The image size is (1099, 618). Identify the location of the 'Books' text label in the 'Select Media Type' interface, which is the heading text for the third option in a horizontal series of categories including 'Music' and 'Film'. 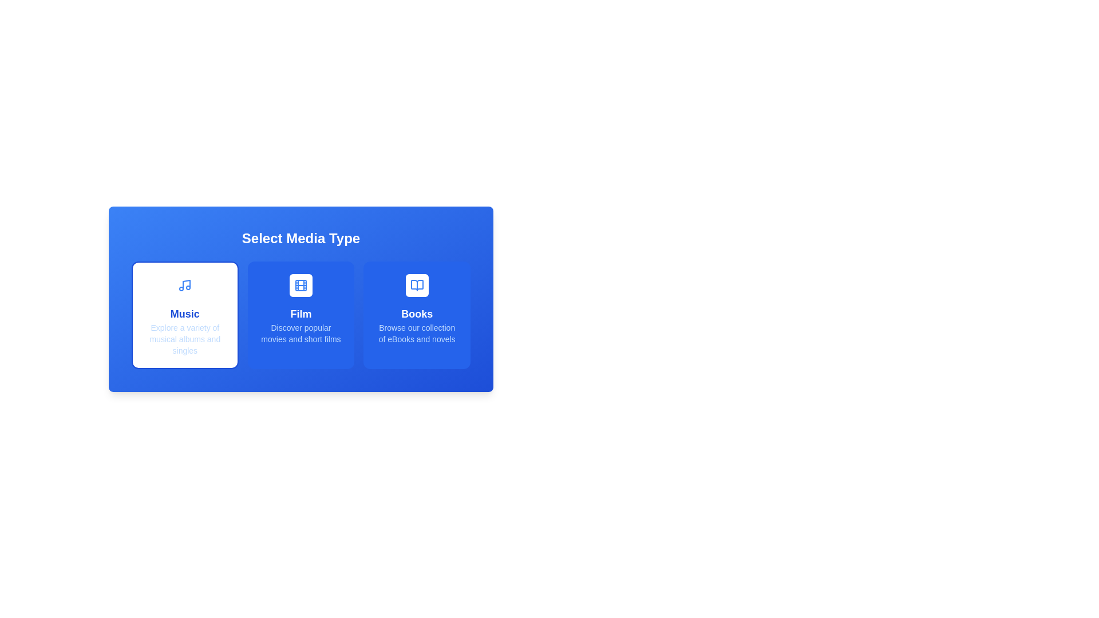
(416, 314).